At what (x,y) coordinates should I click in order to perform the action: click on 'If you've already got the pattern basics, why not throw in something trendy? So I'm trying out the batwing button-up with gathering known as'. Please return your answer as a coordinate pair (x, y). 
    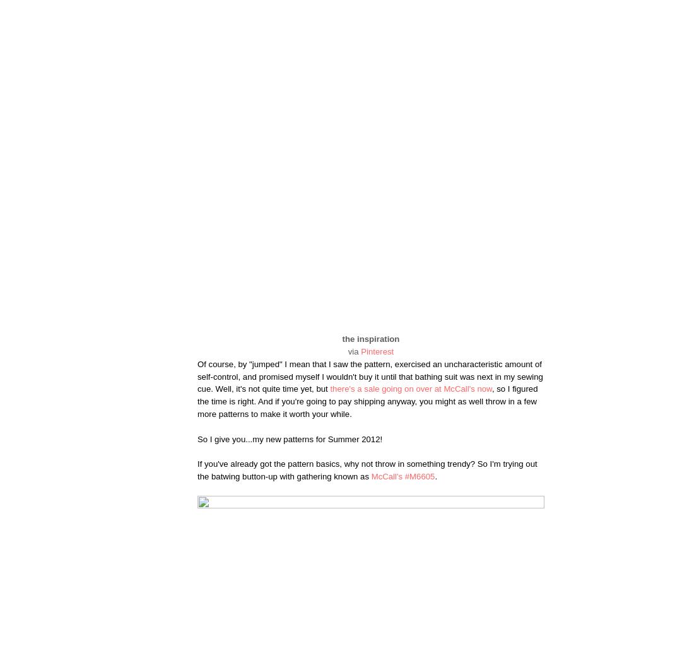
    Looking at the image, I should click on (367, 469).